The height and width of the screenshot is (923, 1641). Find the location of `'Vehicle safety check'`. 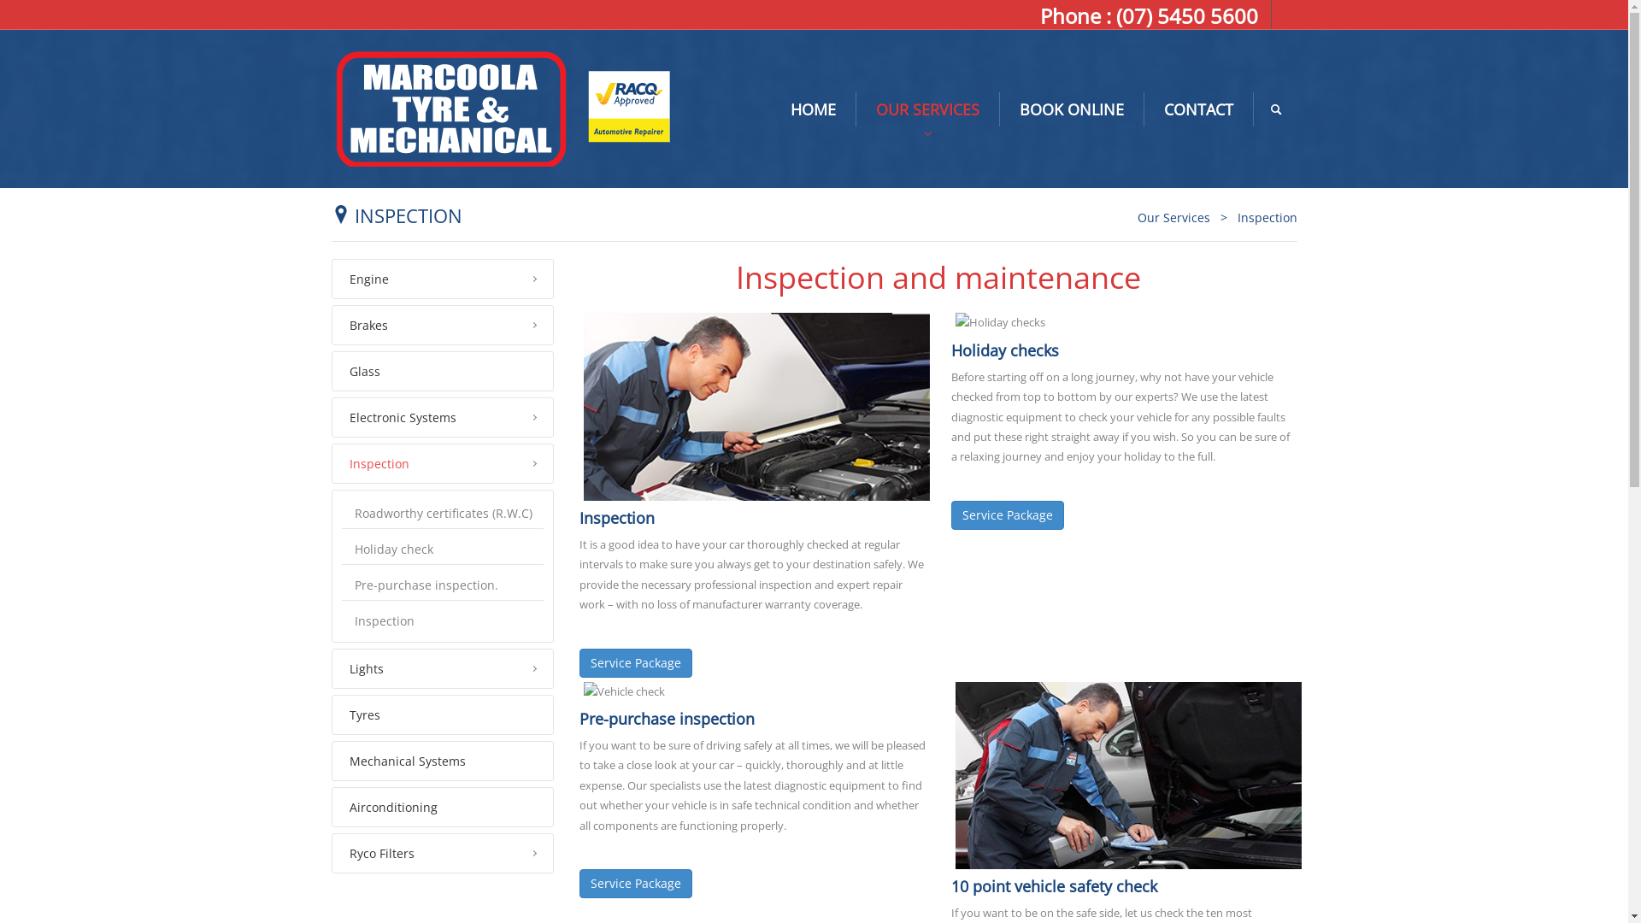

'Vehicle safety check' is located at coordinates (1128, 775).